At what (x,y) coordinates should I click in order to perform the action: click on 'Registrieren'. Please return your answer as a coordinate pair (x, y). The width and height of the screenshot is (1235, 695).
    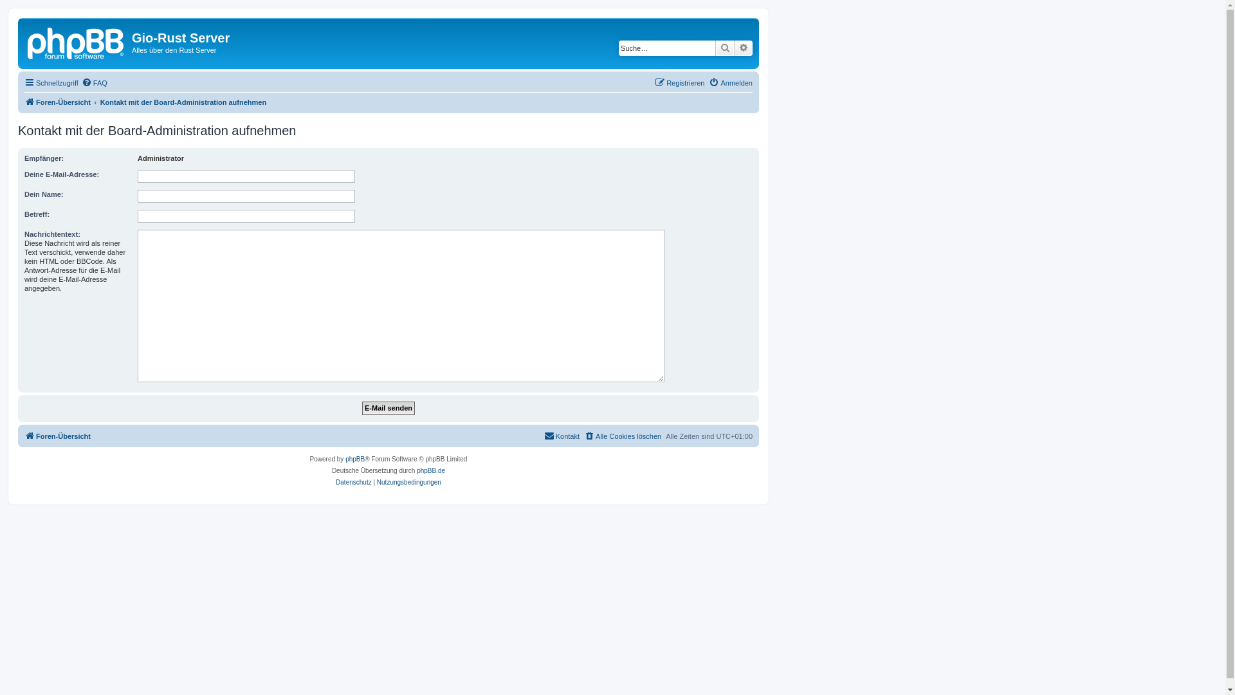
    Looking at the image, I should click on (679, 82).